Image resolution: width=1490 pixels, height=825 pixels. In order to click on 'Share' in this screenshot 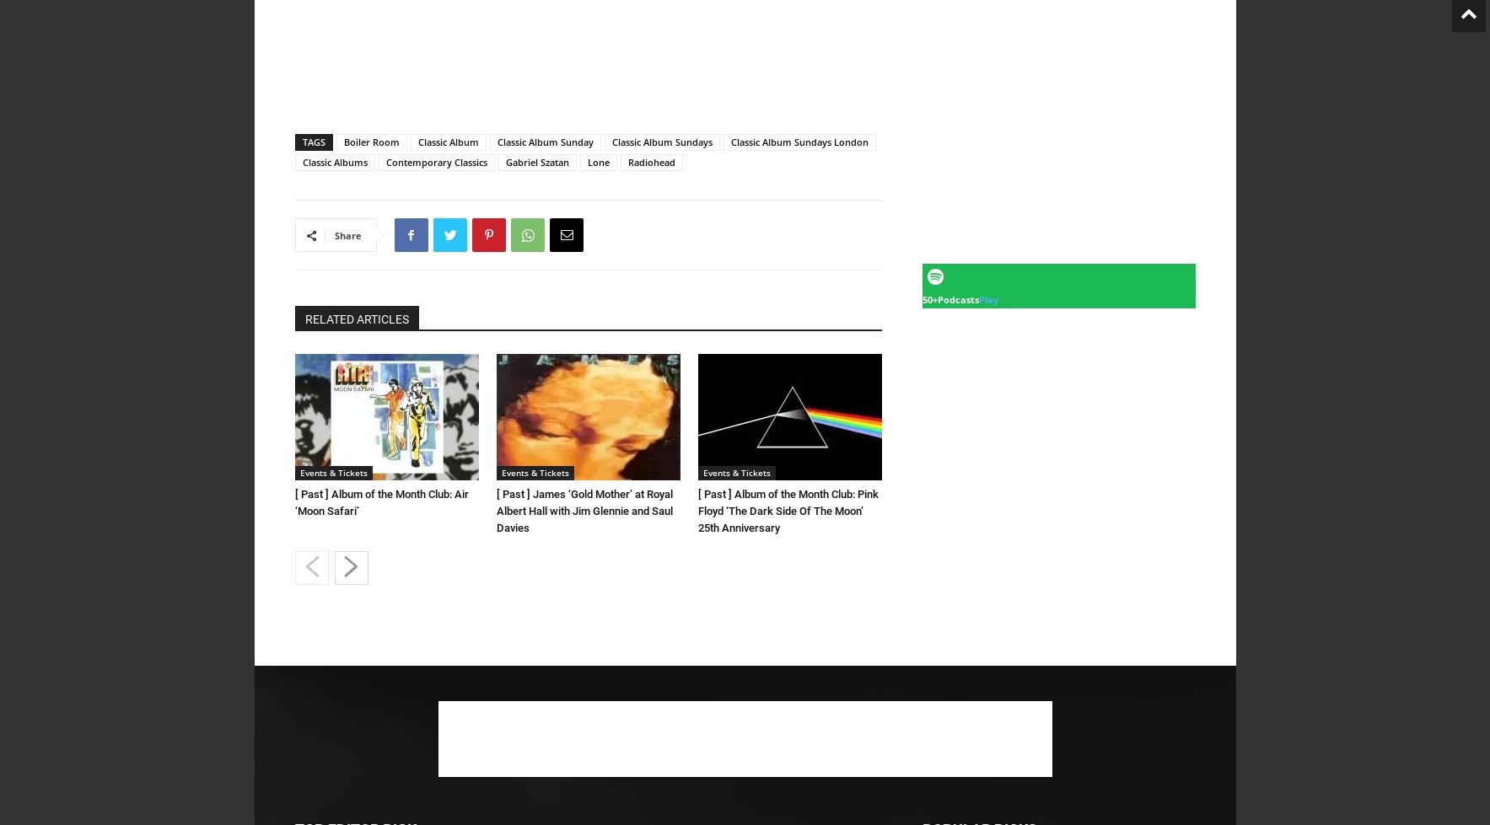, I will do `click(347, 235)`.